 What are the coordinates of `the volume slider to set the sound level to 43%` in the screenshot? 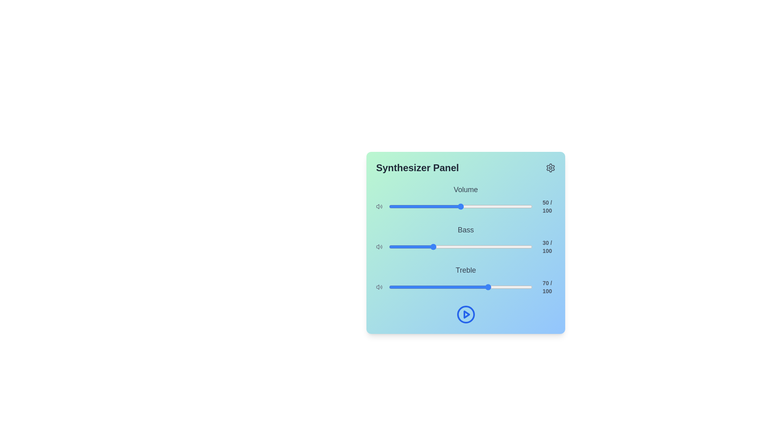 It's located at (450, 206).